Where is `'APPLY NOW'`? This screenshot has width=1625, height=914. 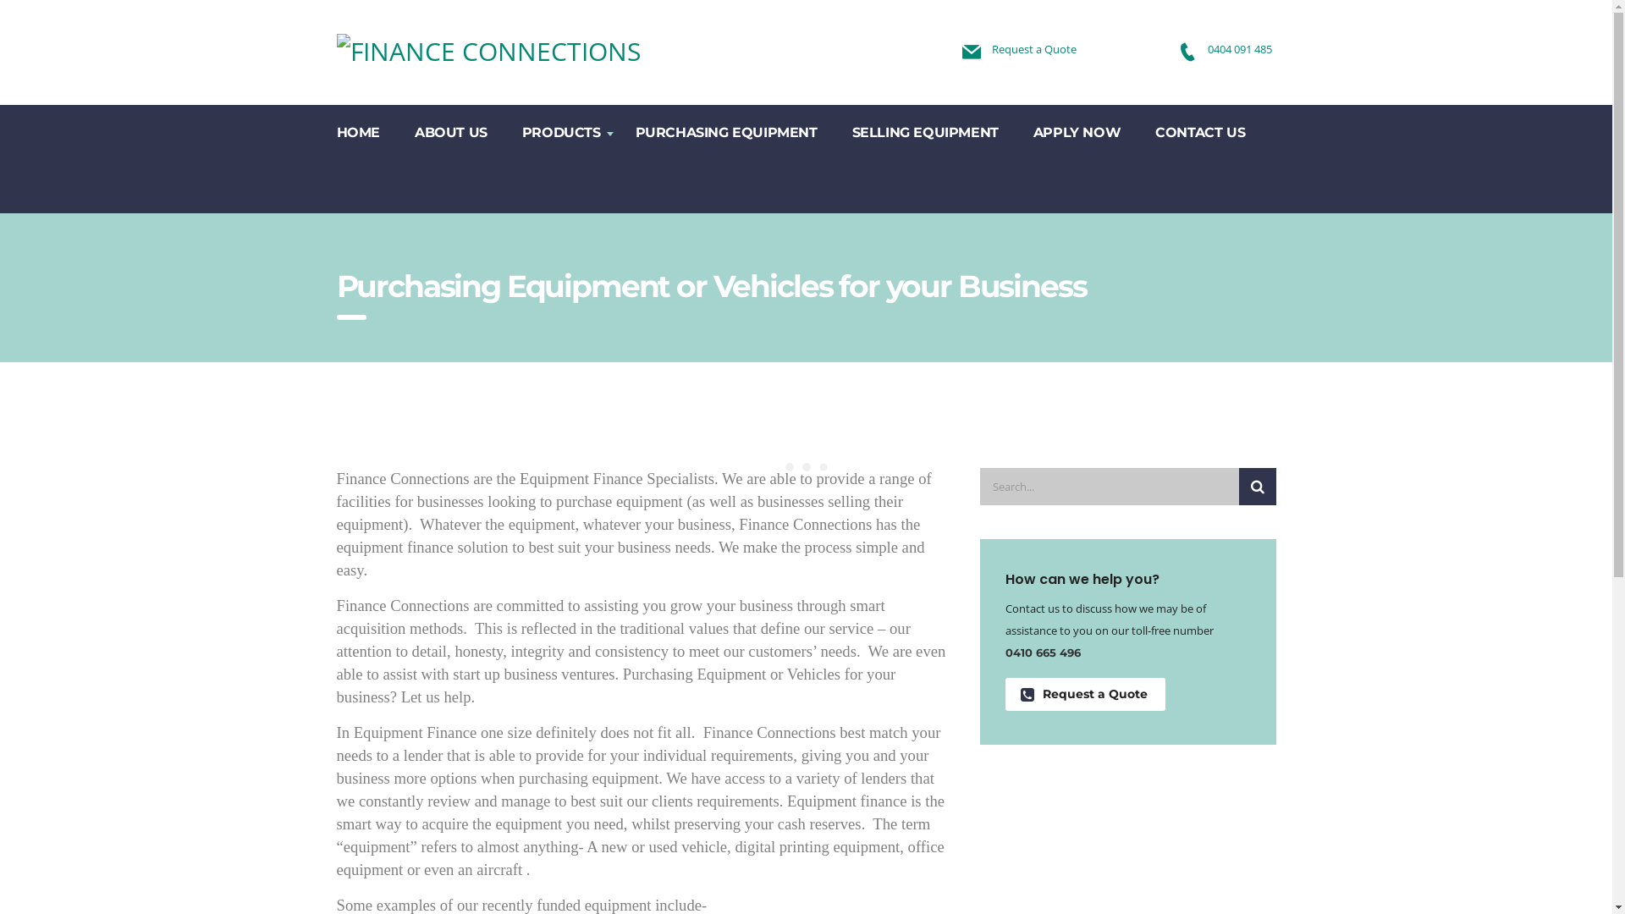
'APPLY NOW' is located at coordinates (1076, 130).